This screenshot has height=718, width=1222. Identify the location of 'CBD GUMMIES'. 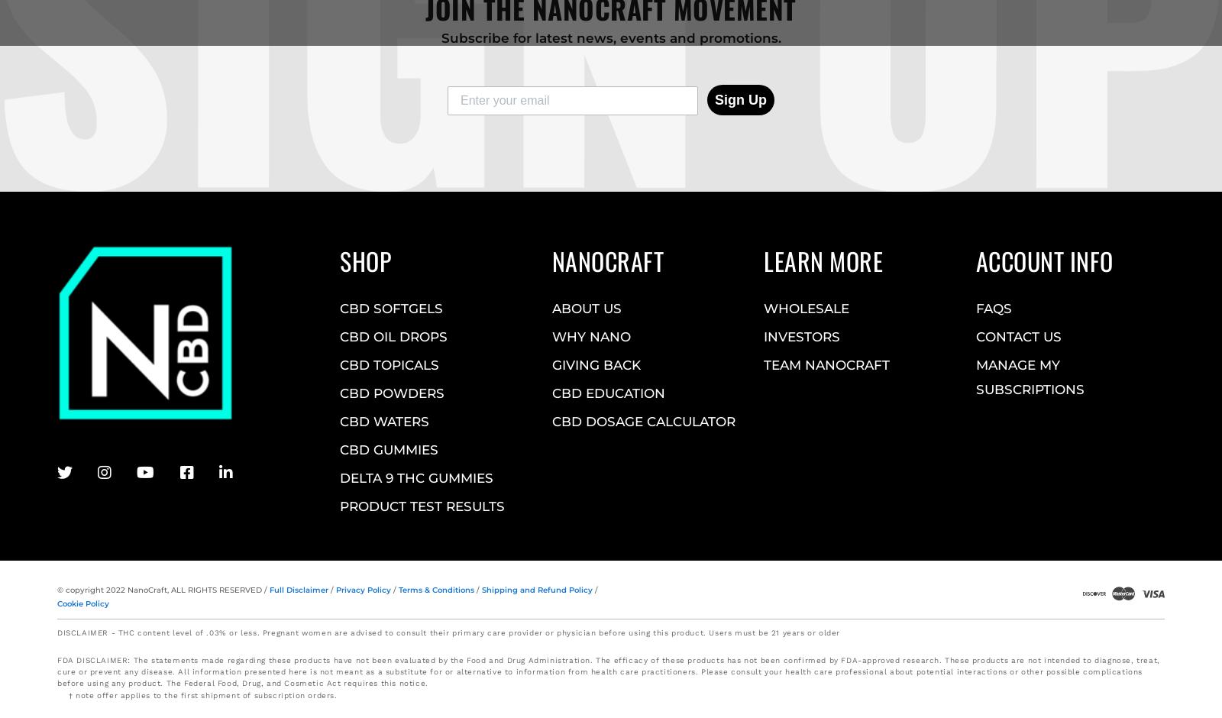
(388, 449).